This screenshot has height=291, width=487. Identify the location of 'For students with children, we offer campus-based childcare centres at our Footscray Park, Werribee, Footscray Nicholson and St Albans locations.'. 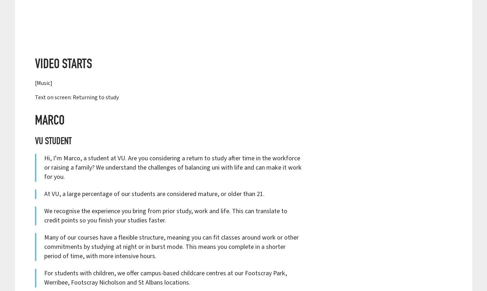
(165, 278).